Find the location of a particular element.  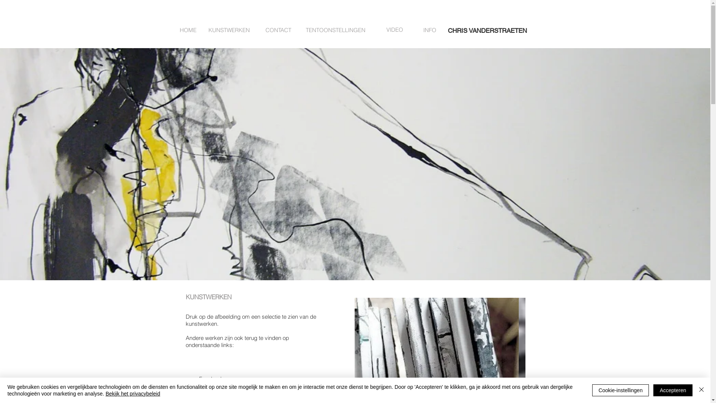

'KUNSTWERKEN' is located at coordinates (228, 29).